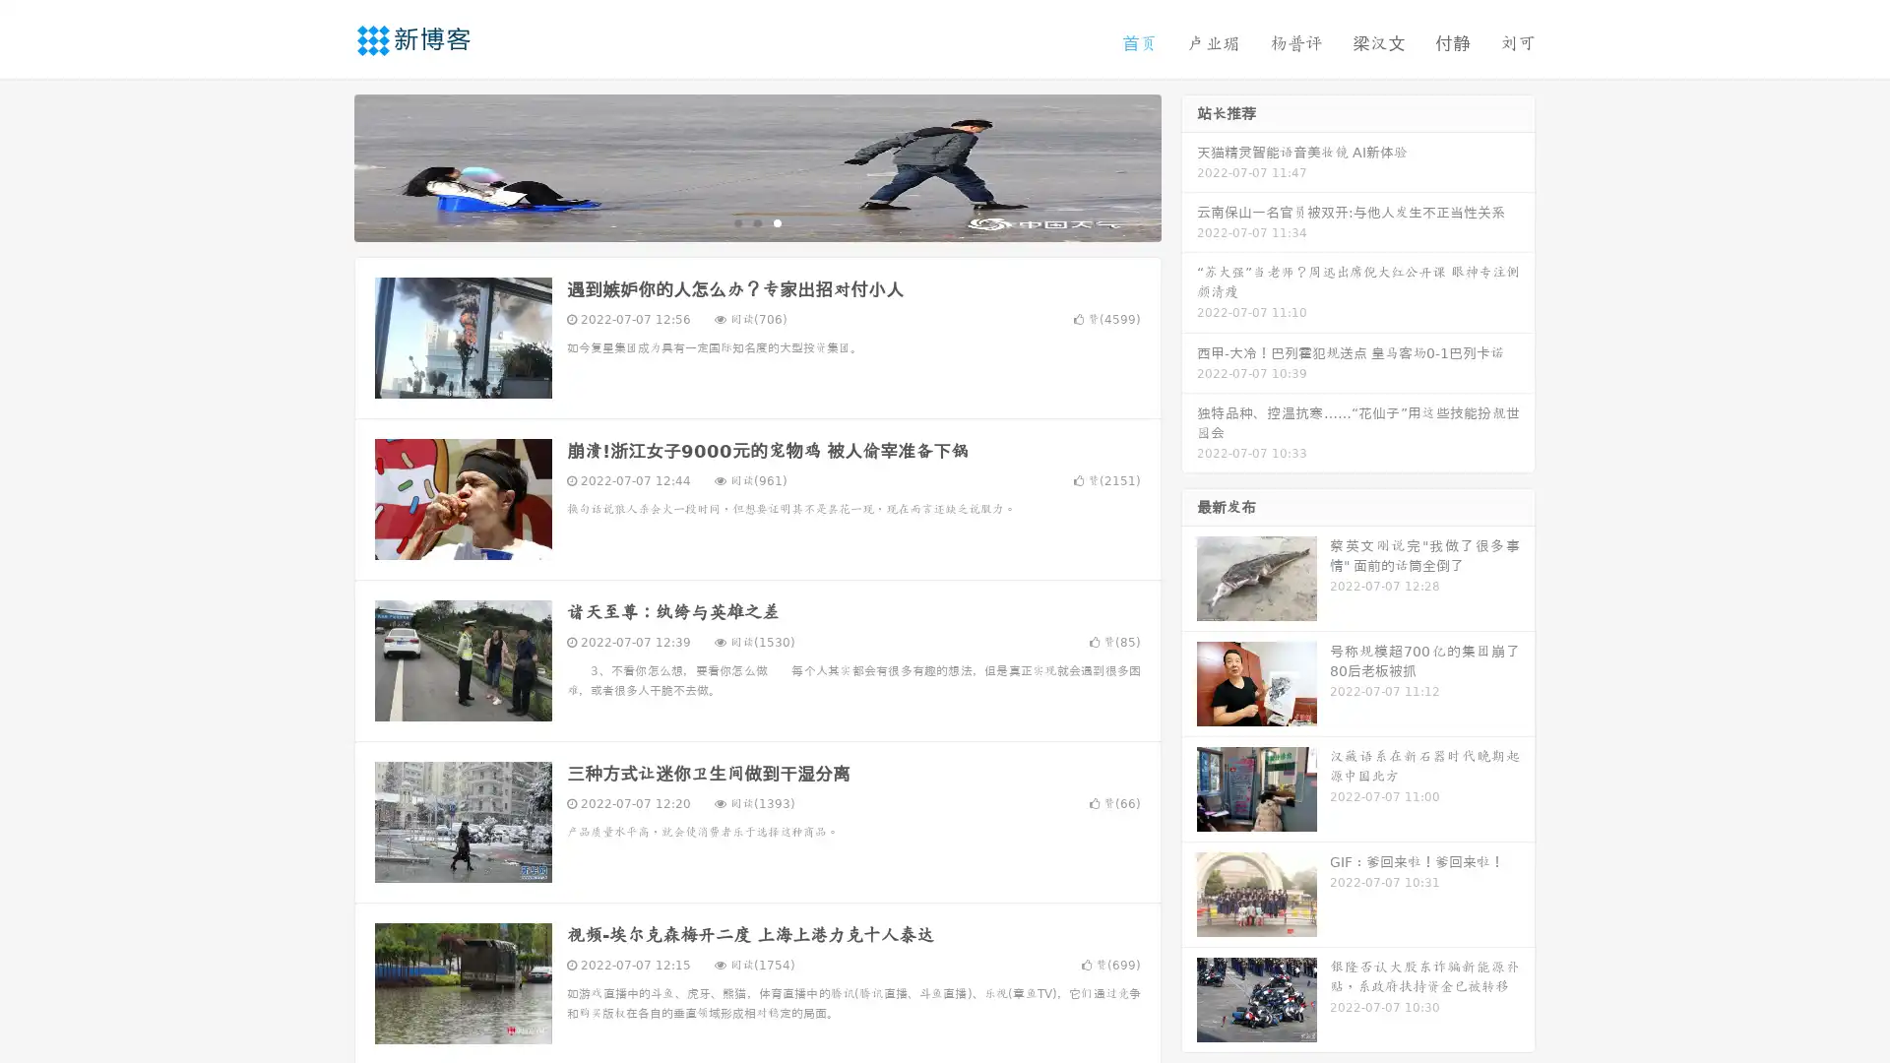 Image resolution: width=1890 pixels, height=1063 pixels. What do you see at coordinates (325, 165) in the screenshot?
I see `Previous slide` at bounding box center [325, 165].